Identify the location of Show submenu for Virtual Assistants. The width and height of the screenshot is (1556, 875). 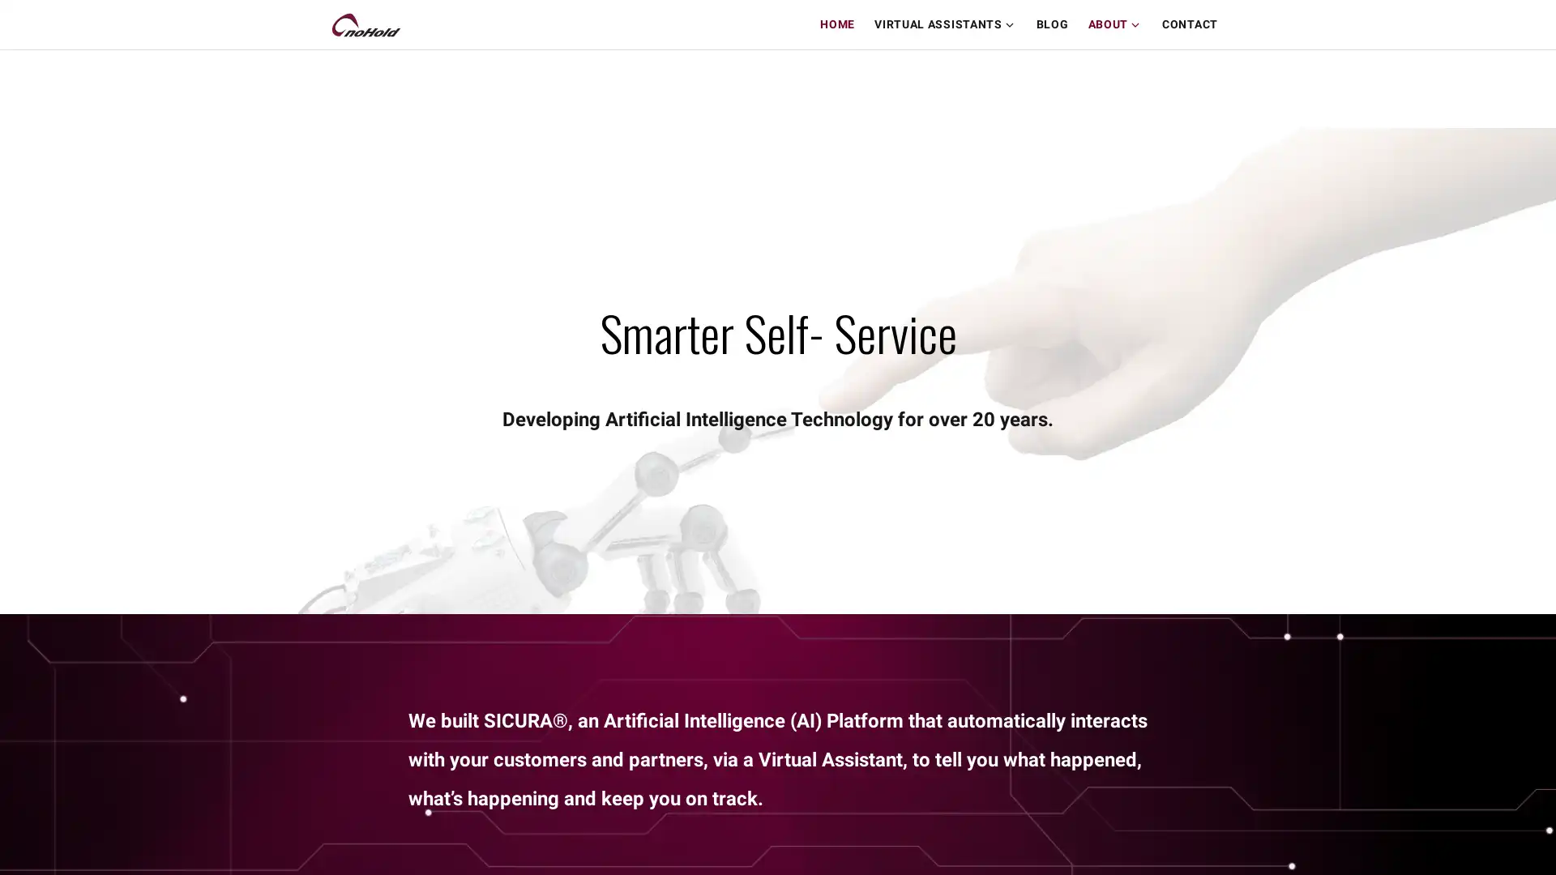
(1013, 24).